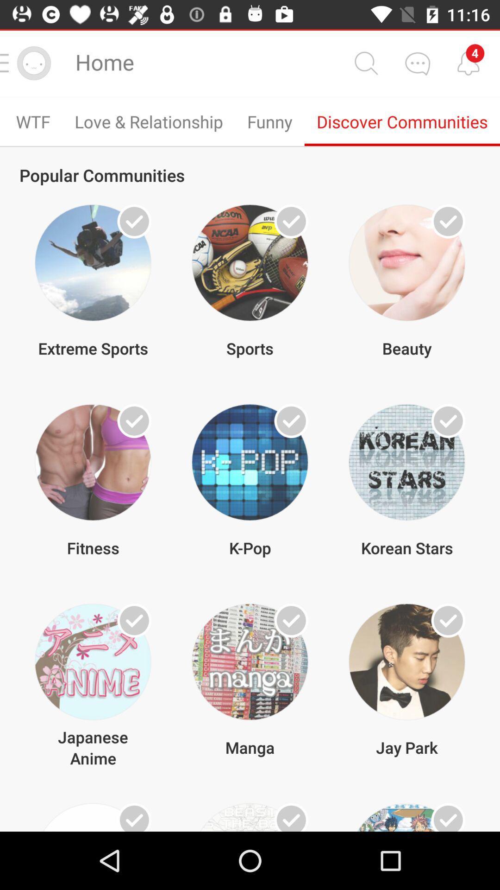 Image resolution: width=500 pixels, height=890 pixels. I want to click on community, so click(448, 221).